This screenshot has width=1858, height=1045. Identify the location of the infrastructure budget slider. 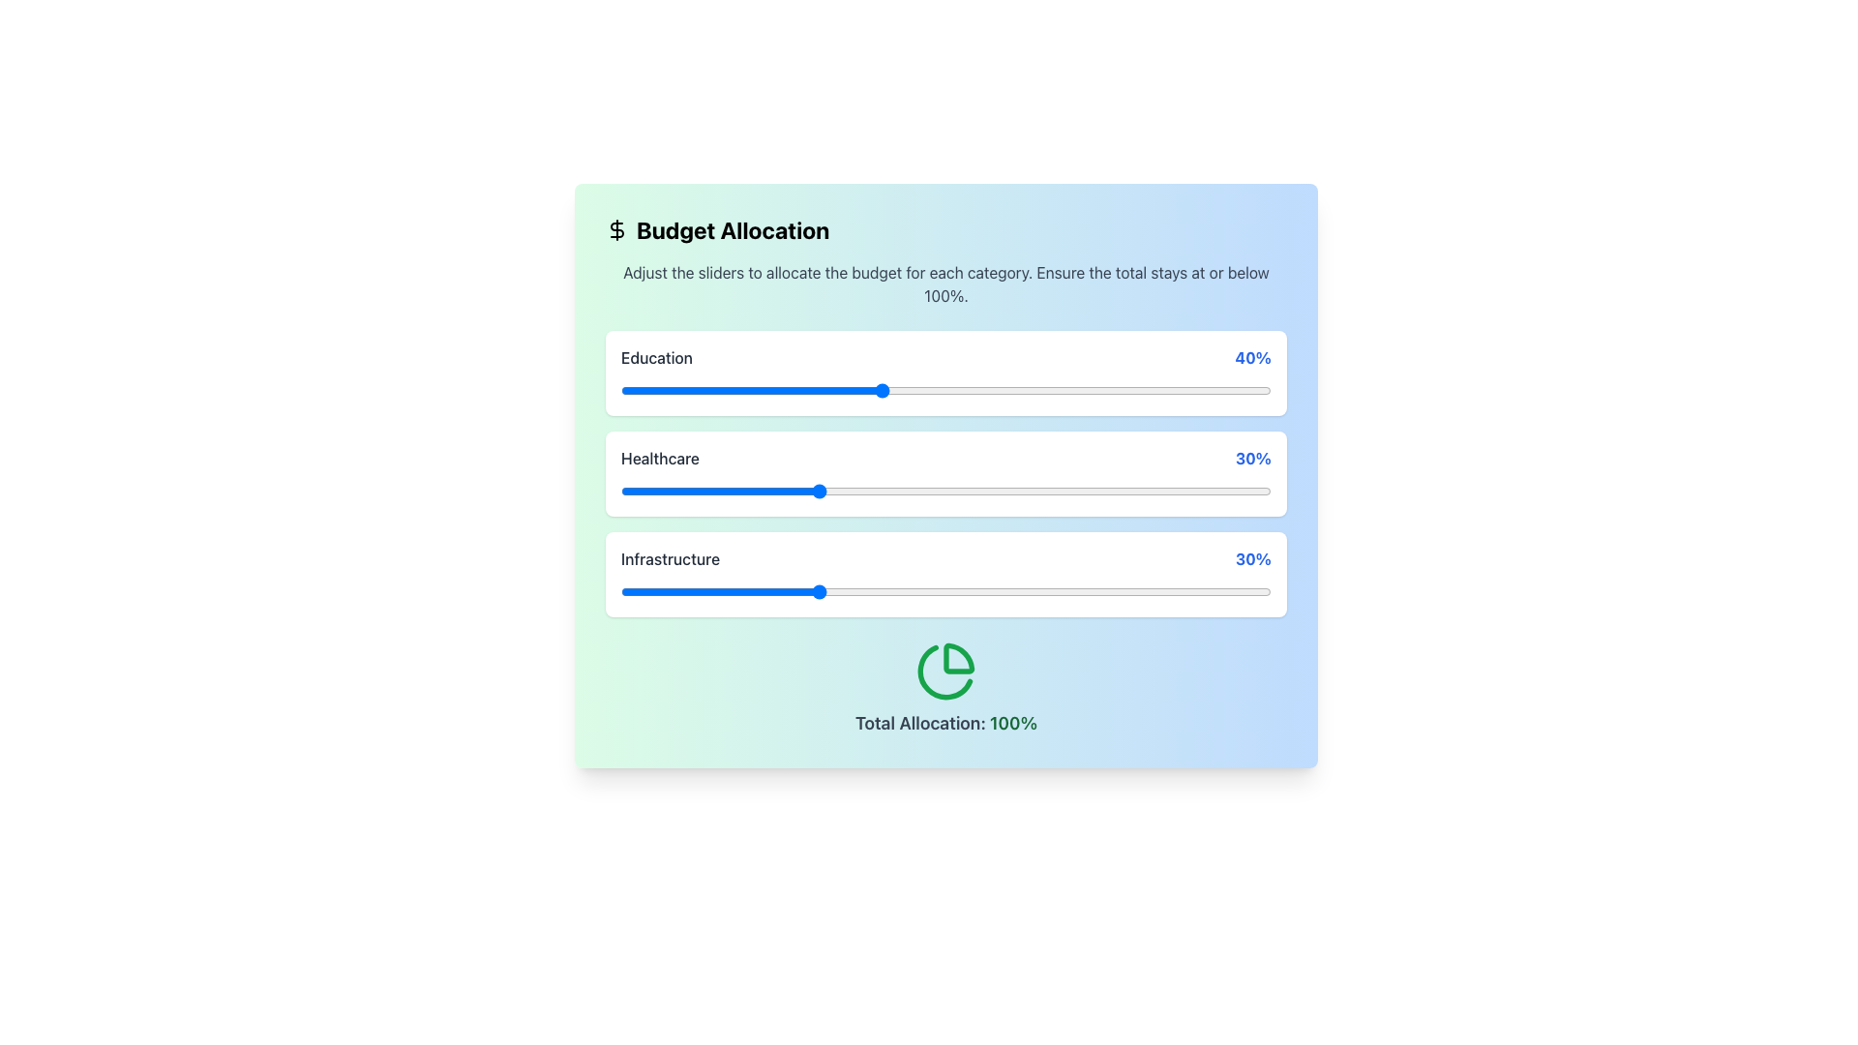
(816, 591).